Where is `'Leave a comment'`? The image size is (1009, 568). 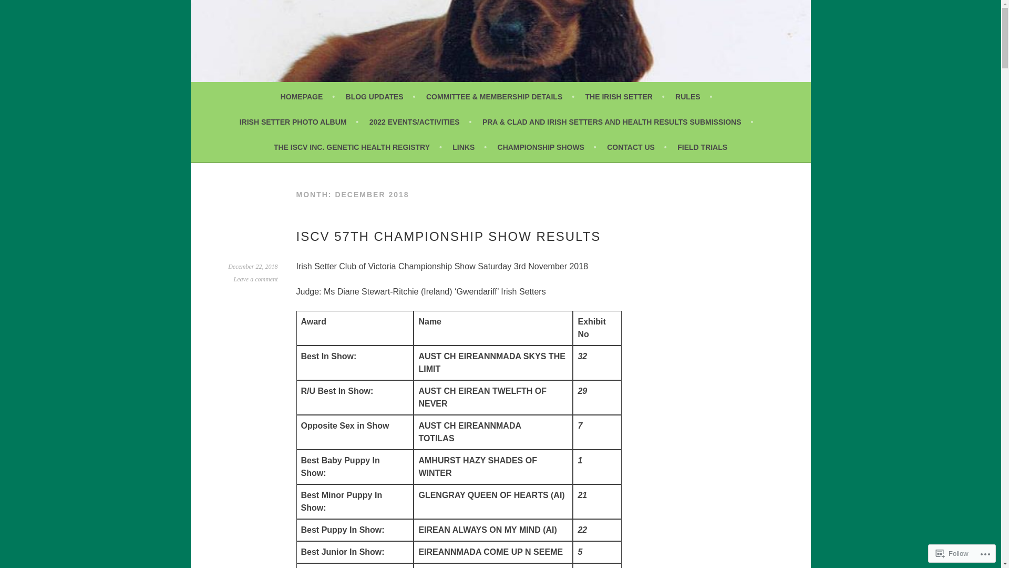 'Leave a comment' is located at coordinates (255, 279).